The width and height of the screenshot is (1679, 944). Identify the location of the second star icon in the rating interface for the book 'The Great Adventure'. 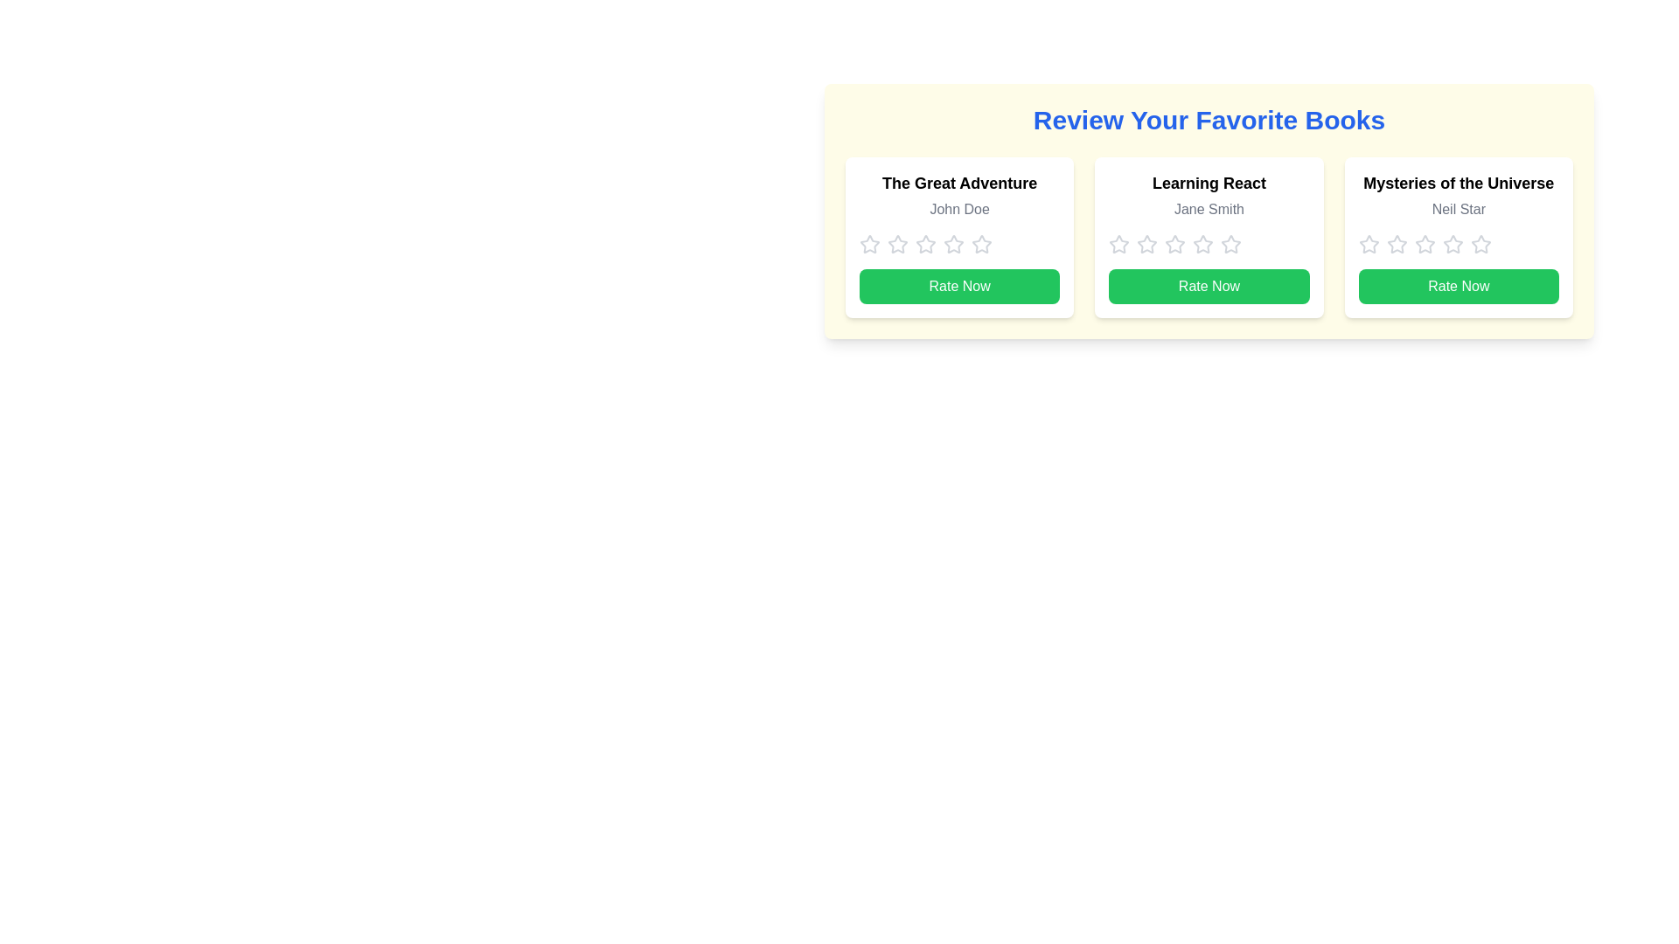
(925, 244).